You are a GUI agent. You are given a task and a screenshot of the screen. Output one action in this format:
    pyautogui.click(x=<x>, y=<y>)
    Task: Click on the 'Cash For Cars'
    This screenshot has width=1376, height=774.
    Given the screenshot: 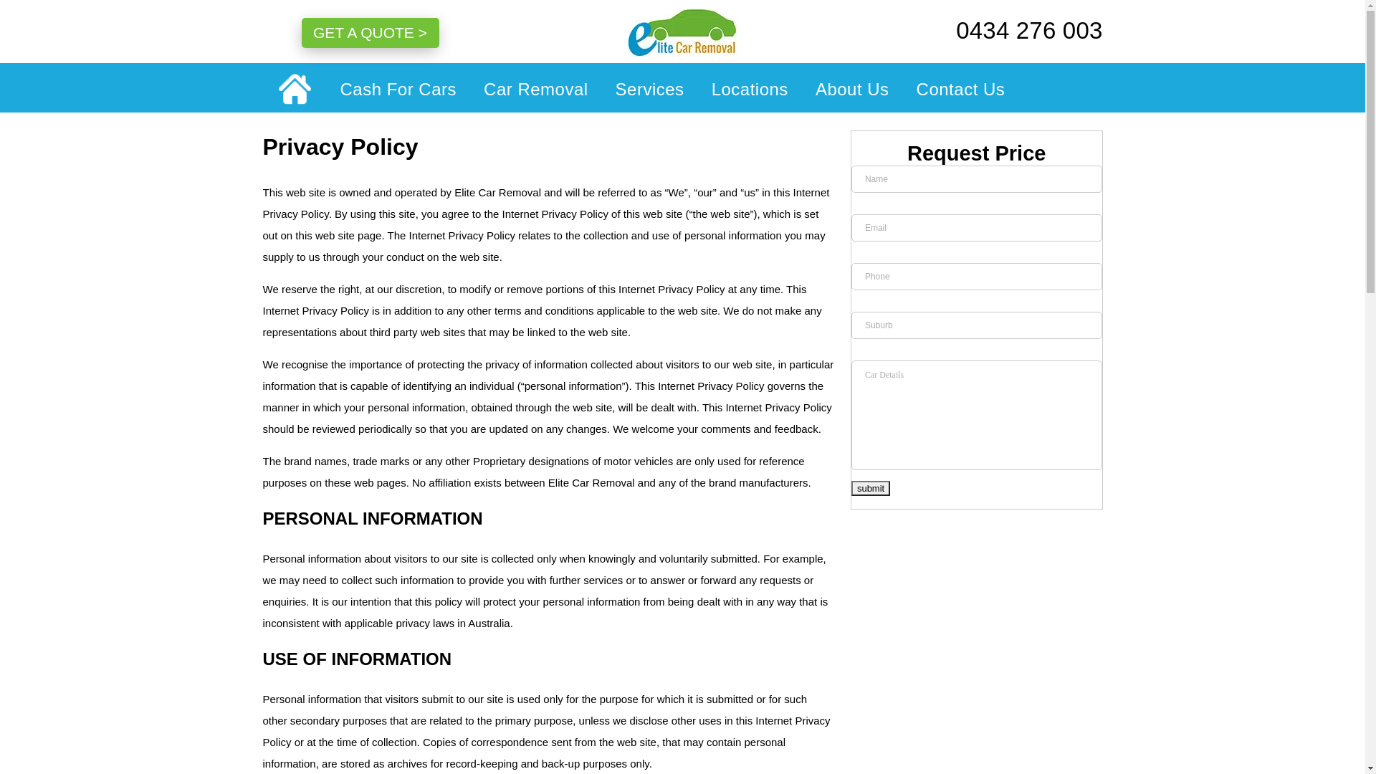 What is the action you would take?
    pyautogui.click(x=326, y=87)
    